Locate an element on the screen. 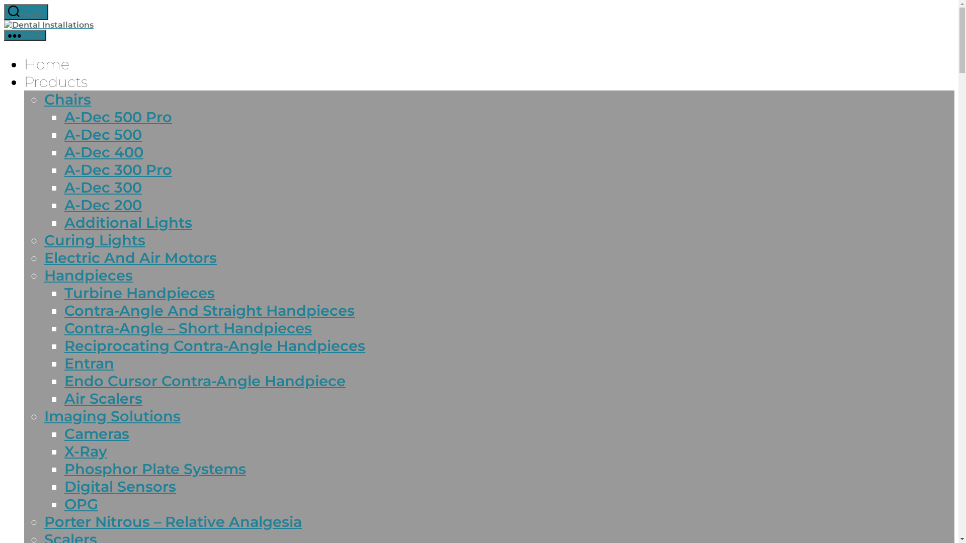  'A-Dec 400' is located at coordinates (104, 152).